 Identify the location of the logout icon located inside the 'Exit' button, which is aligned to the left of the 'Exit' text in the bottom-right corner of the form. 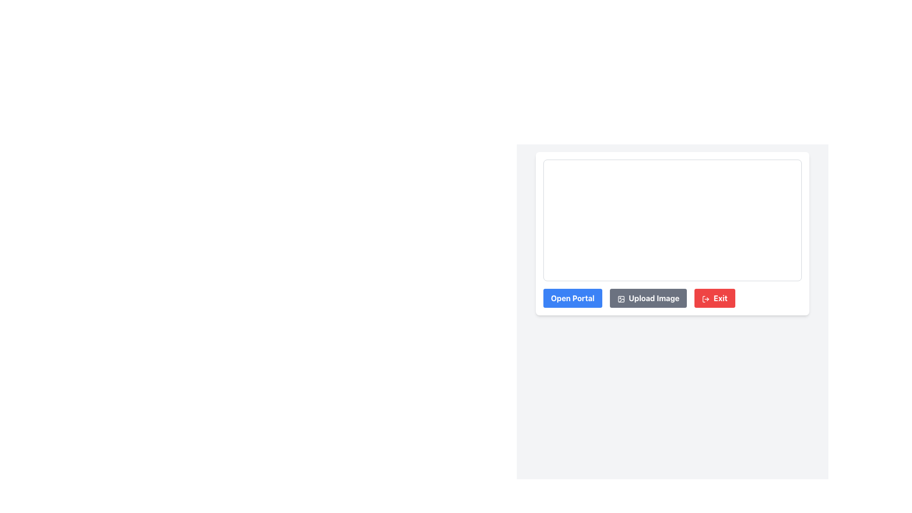
(706, 298).